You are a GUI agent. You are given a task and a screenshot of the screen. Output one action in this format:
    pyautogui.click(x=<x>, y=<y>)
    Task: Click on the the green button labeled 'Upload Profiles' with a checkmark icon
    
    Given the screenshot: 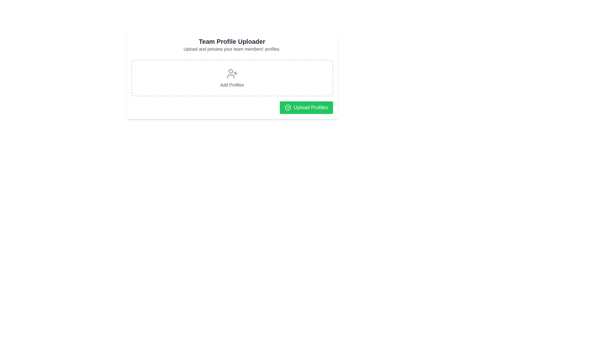 What is the action you would take?
    pyautogui.click(x=306, y=107)
    